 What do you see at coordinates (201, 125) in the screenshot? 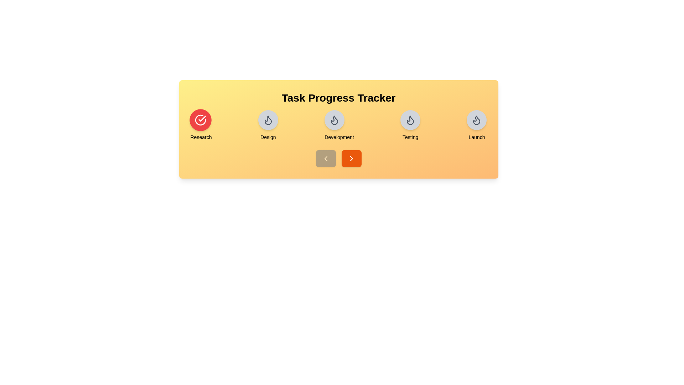
I see `the progress stage indicator labeled 'Research' to understand the current or completed progress stage` at bounding box center [201, 125].